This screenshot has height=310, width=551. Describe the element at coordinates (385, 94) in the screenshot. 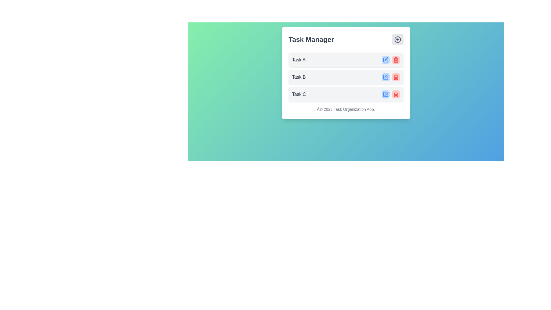

I see `the edit icon button located in the third row of the task list for 'Task C' to initiate the edit action` at that location.